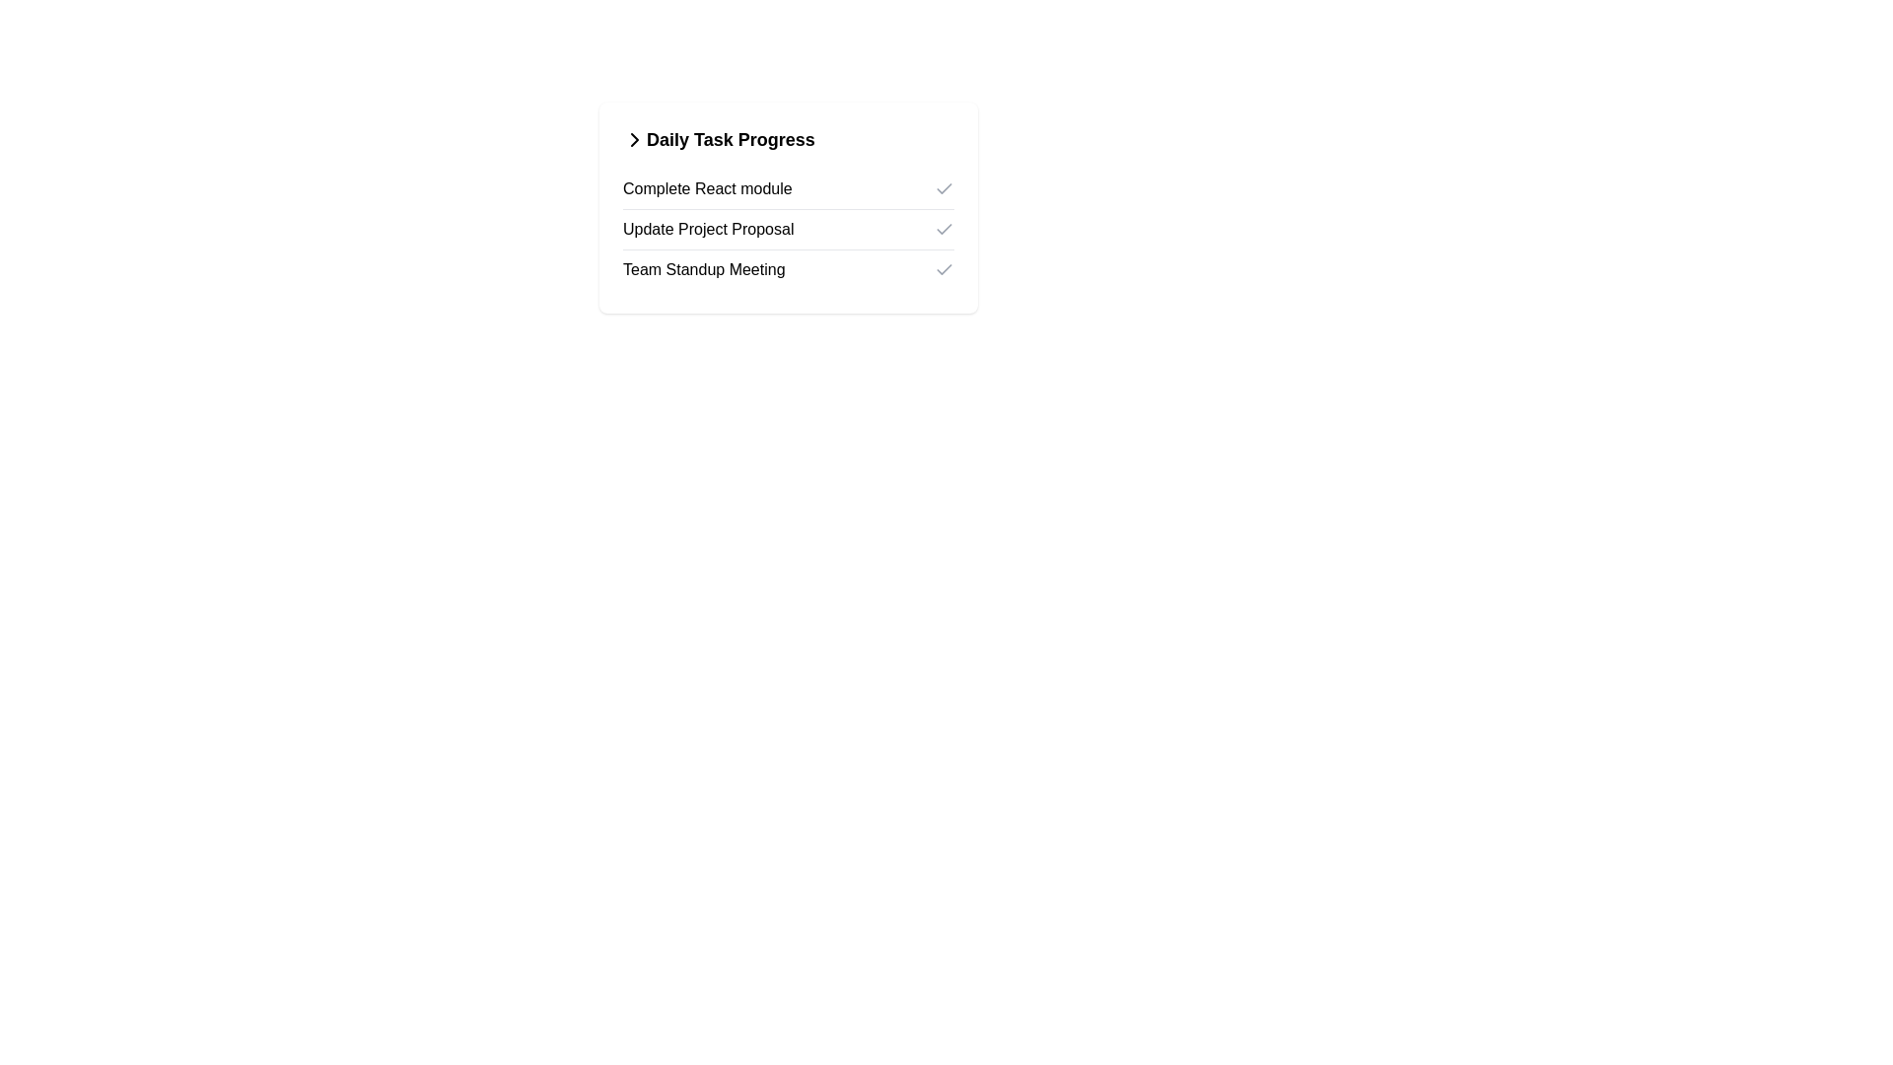 Image resolution: width=1893 pixels, height=1065 pixels. What do you see at coordinates (944, 269) in the screenshot?
I see `the small SVG checkmark icon to the right of 'Team Standup Meeting'` at bounding box center [944, 269].